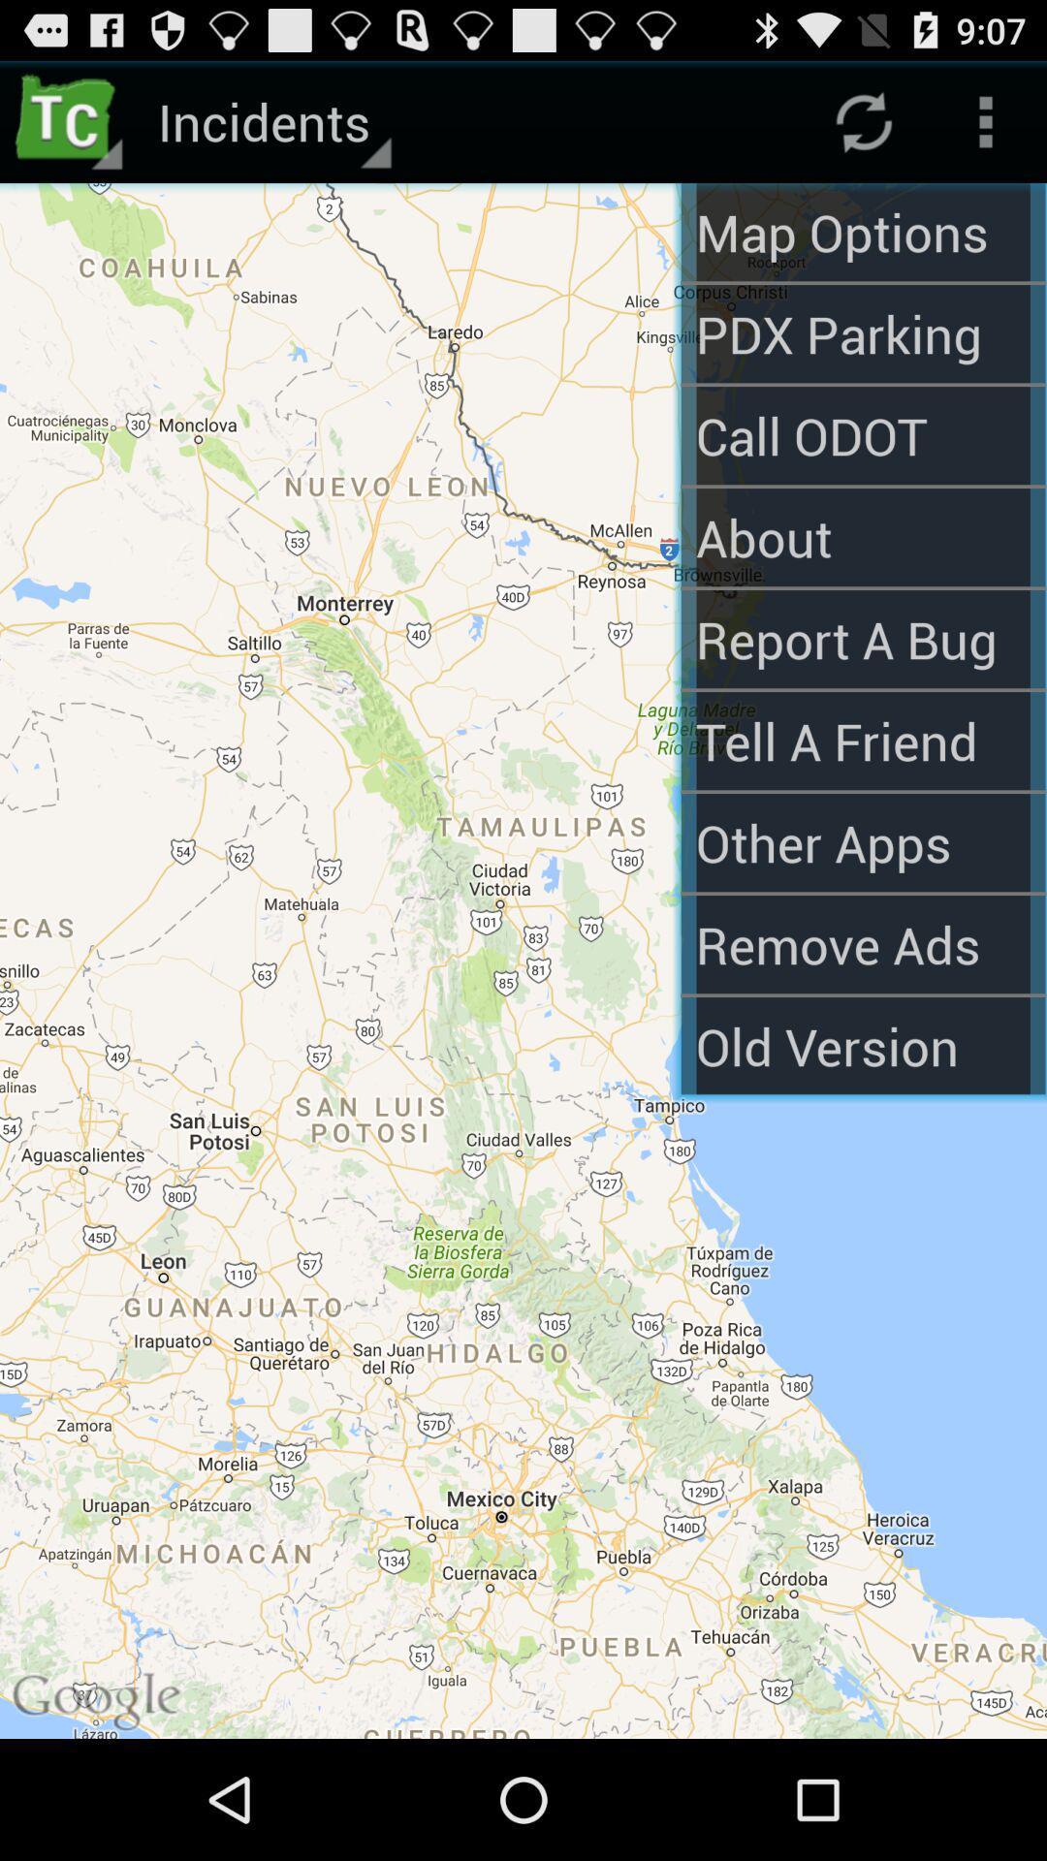  What do you see at coordinates (70, 120) in the screenshot?
I see `the app to the left of incidents icon` at bounding box center [70, 120].